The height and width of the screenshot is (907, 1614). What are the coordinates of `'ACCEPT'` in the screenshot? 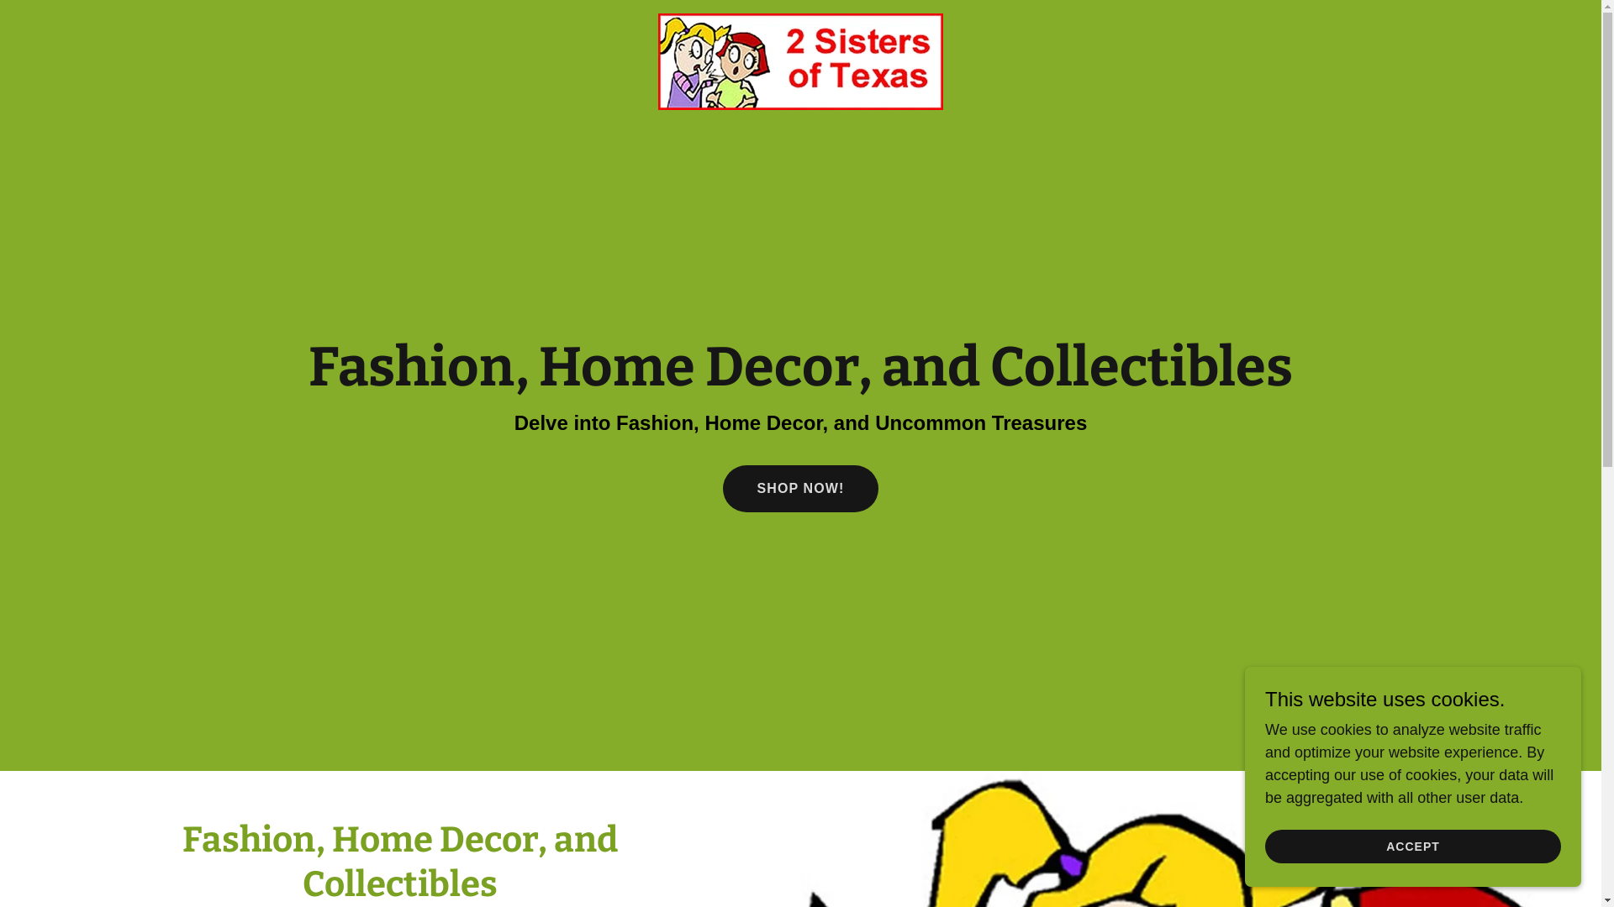 It's located at (1412, 846).